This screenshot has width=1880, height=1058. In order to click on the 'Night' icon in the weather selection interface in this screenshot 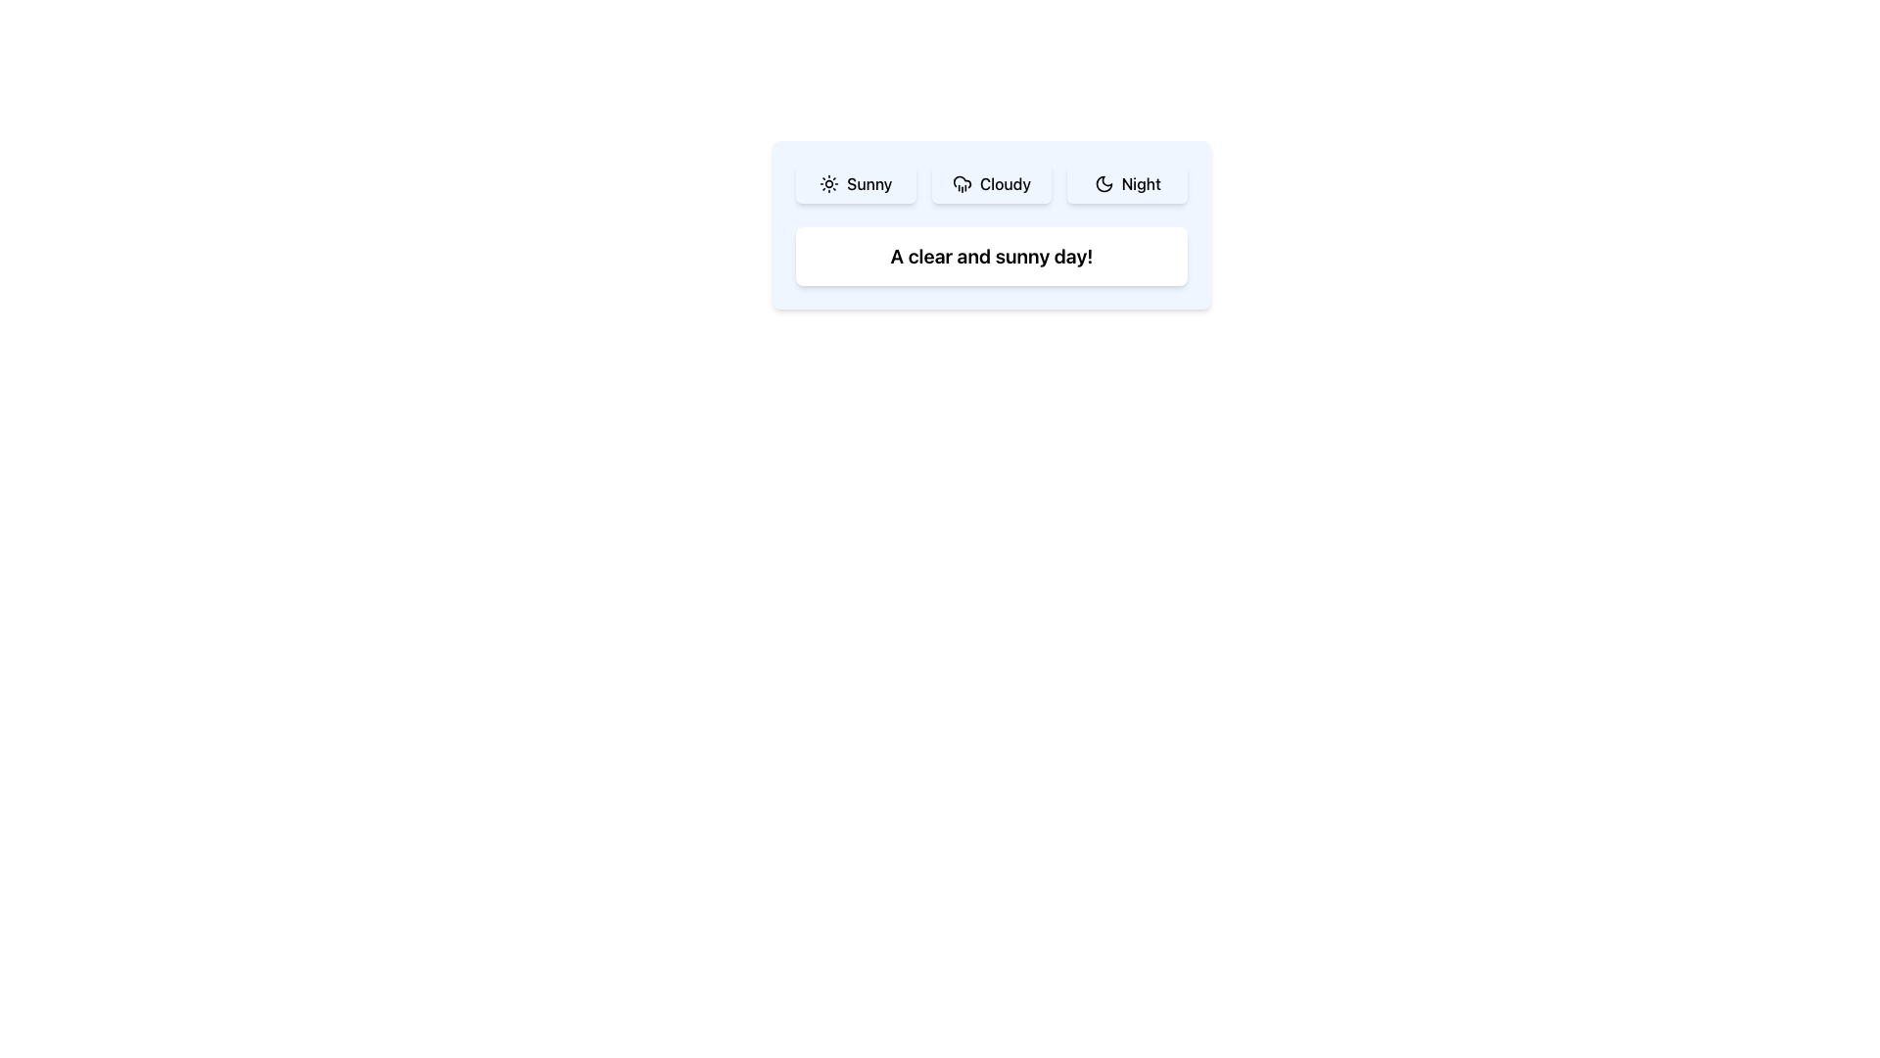, I will do `click(1104, 184)`.